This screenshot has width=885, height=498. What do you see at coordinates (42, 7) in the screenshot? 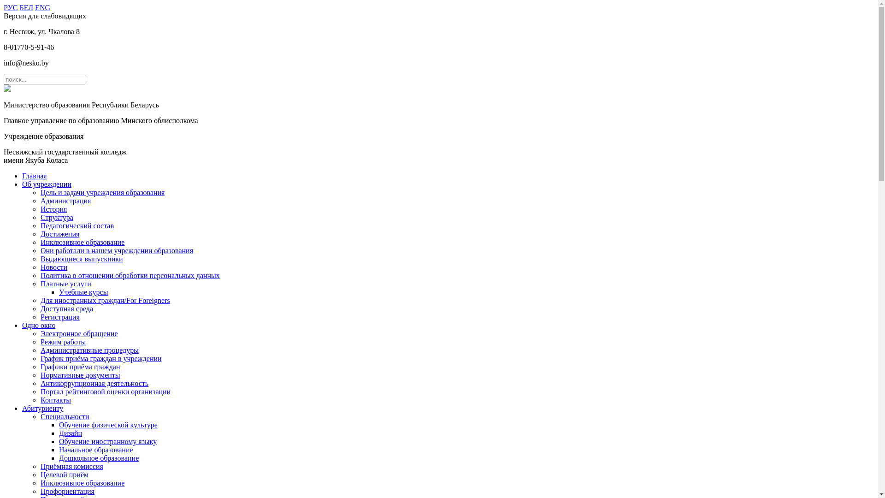
I see `'ENG'` at bounding box center [42, 7].